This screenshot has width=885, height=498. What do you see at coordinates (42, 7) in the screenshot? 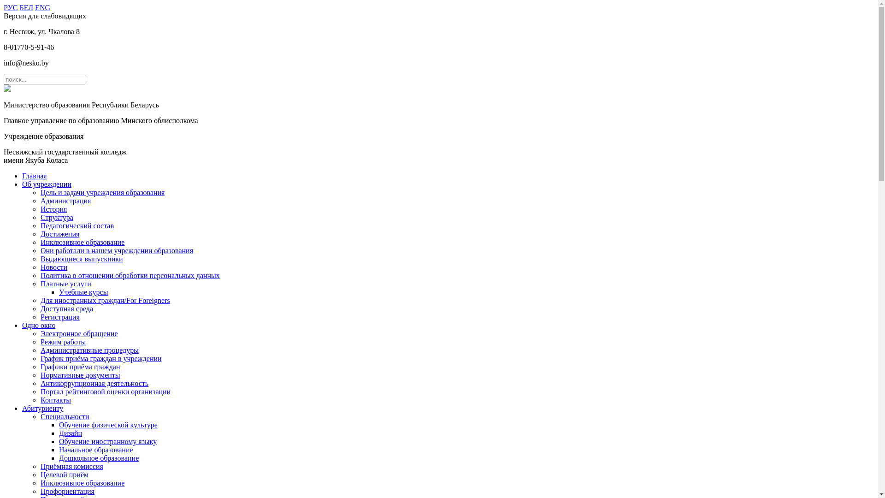
I see `'ENG'` at bounding box center [42, 7].